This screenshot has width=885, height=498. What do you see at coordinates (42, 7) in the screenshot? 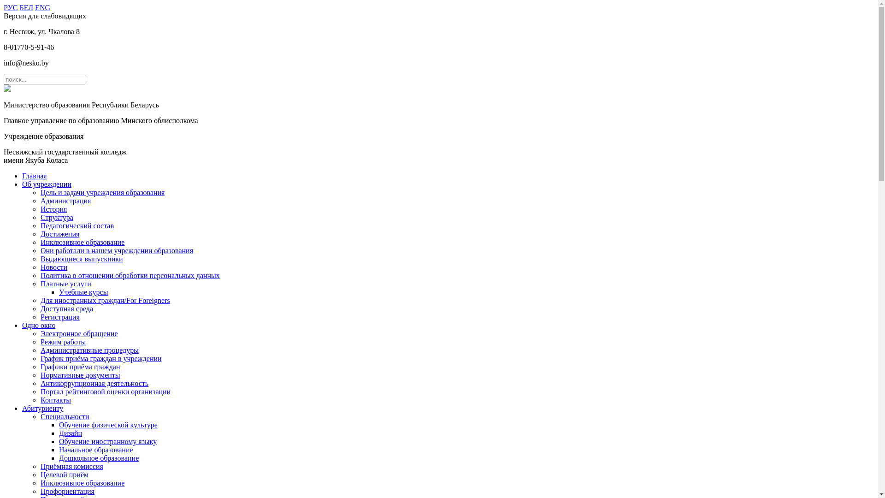
I see `'ENG'` at bounding box center [42, 7].